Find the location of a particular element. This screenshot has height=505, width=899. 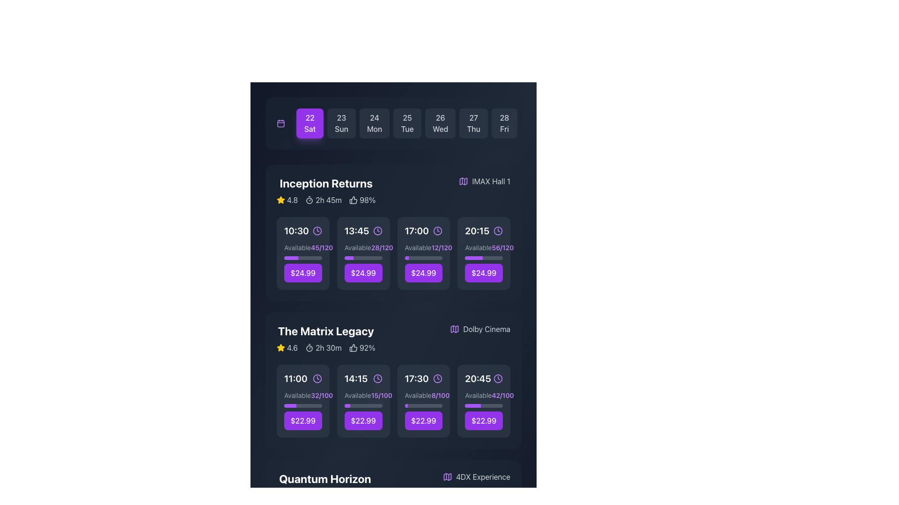

the 'Select Seats' button with a purple background and rounded corners, located beneath the 'Available 56/120' label in the '20:15' time slot section of the 'Inception Returns' movie card is located at coordinates (484, 253).